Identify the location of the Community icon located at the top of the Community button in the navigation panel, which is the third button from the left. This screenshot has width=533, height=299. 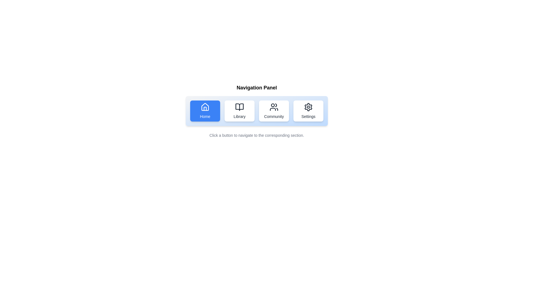
(274, 107).